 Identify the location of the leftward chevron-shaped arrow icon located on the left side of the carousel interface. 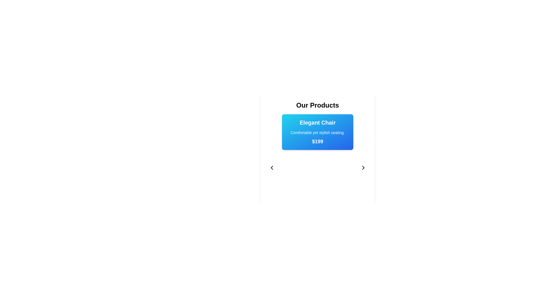
(272, 167).